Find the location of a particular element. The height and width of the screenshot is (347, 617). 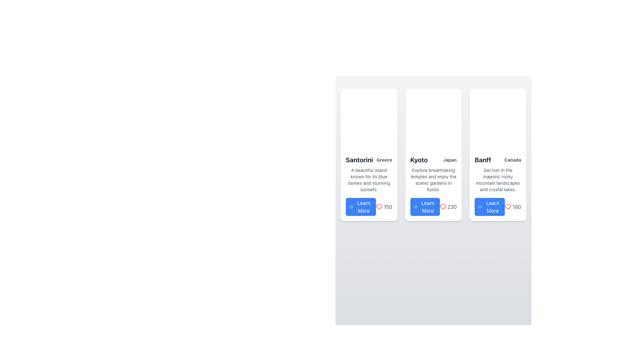

the info icon styled as an SVG graphic located to the left of the 'Learn More' button in the first card is located at coordinates (351, 207).